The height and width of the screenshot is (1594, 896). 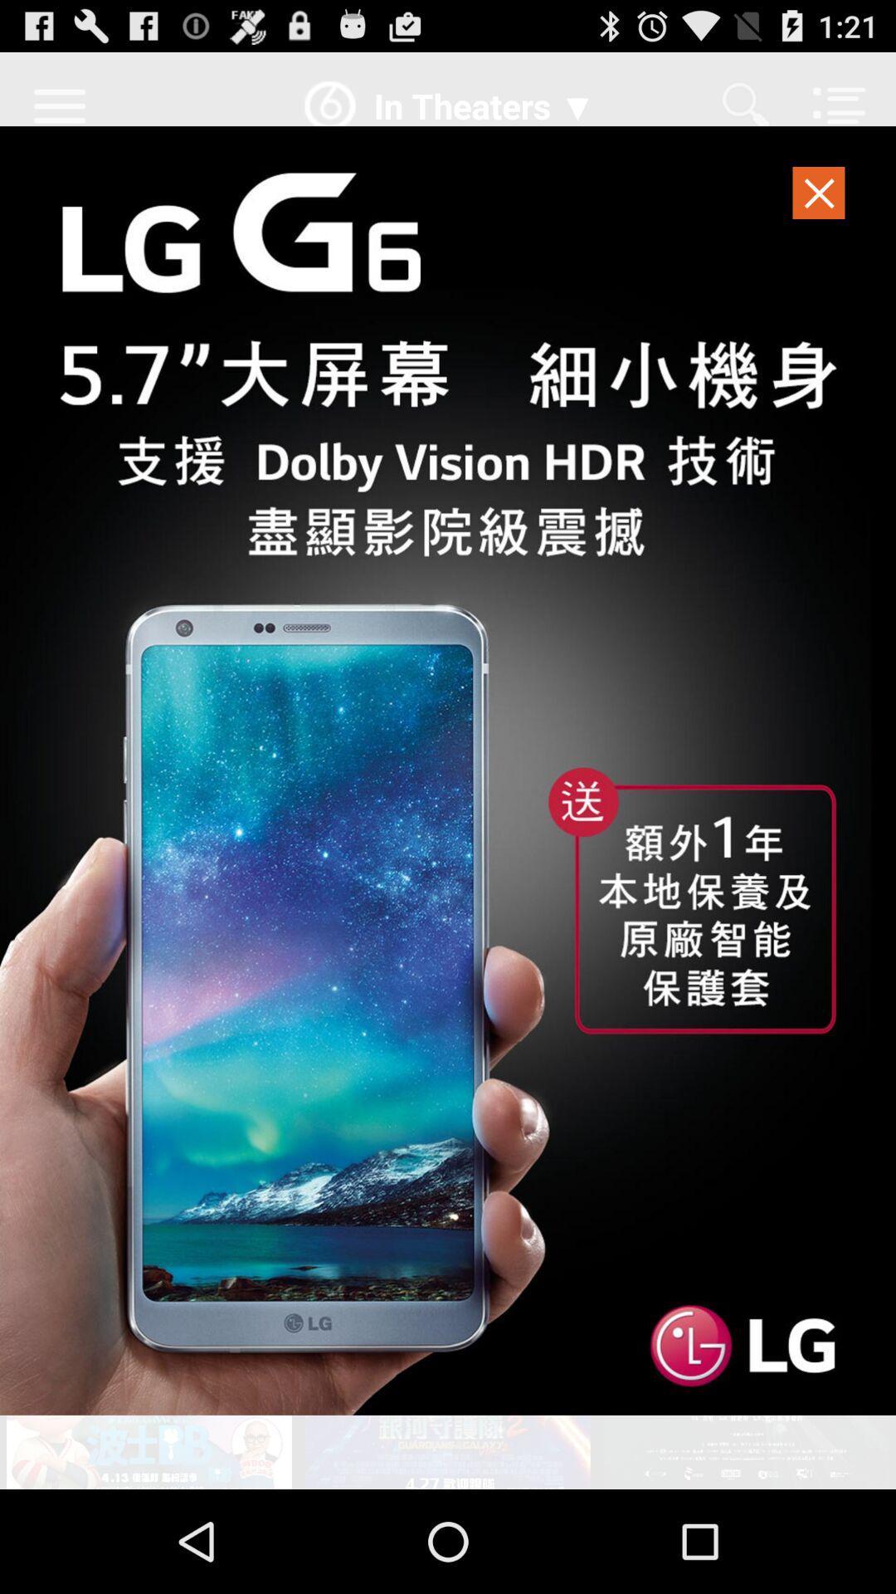 What do you see at coordinates (819, 198) in the screenshot?
I see `exit` at bounding box center [819, 198].